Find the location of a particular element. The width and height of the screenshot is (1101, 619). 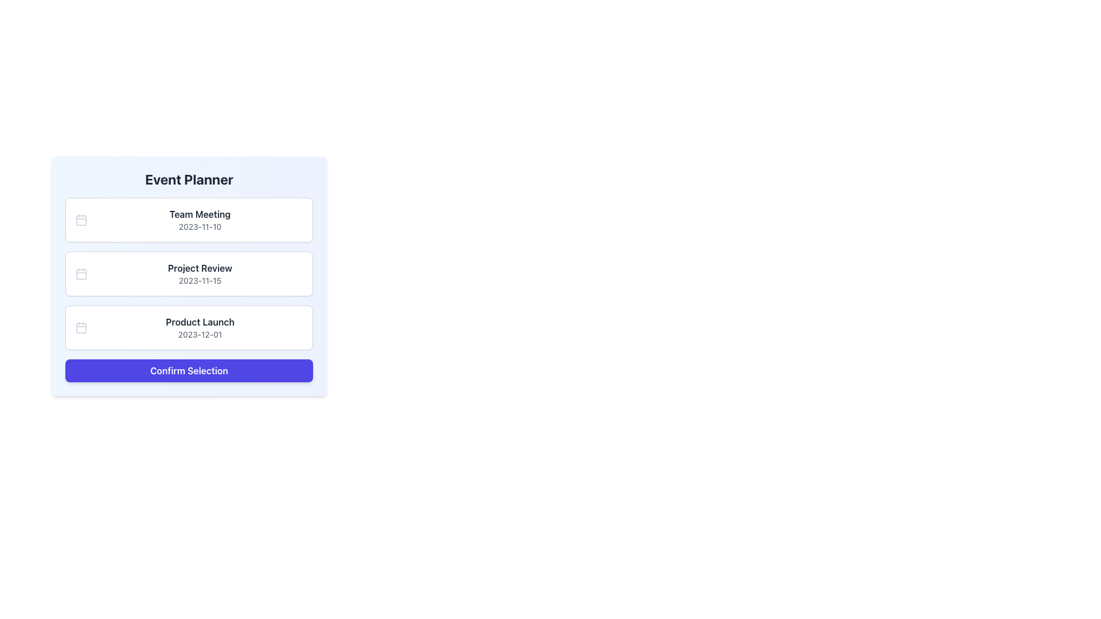

the calendar icon located to the left of the 'Team Meeting' text in the event planner component is located at coordinates (81, 220).